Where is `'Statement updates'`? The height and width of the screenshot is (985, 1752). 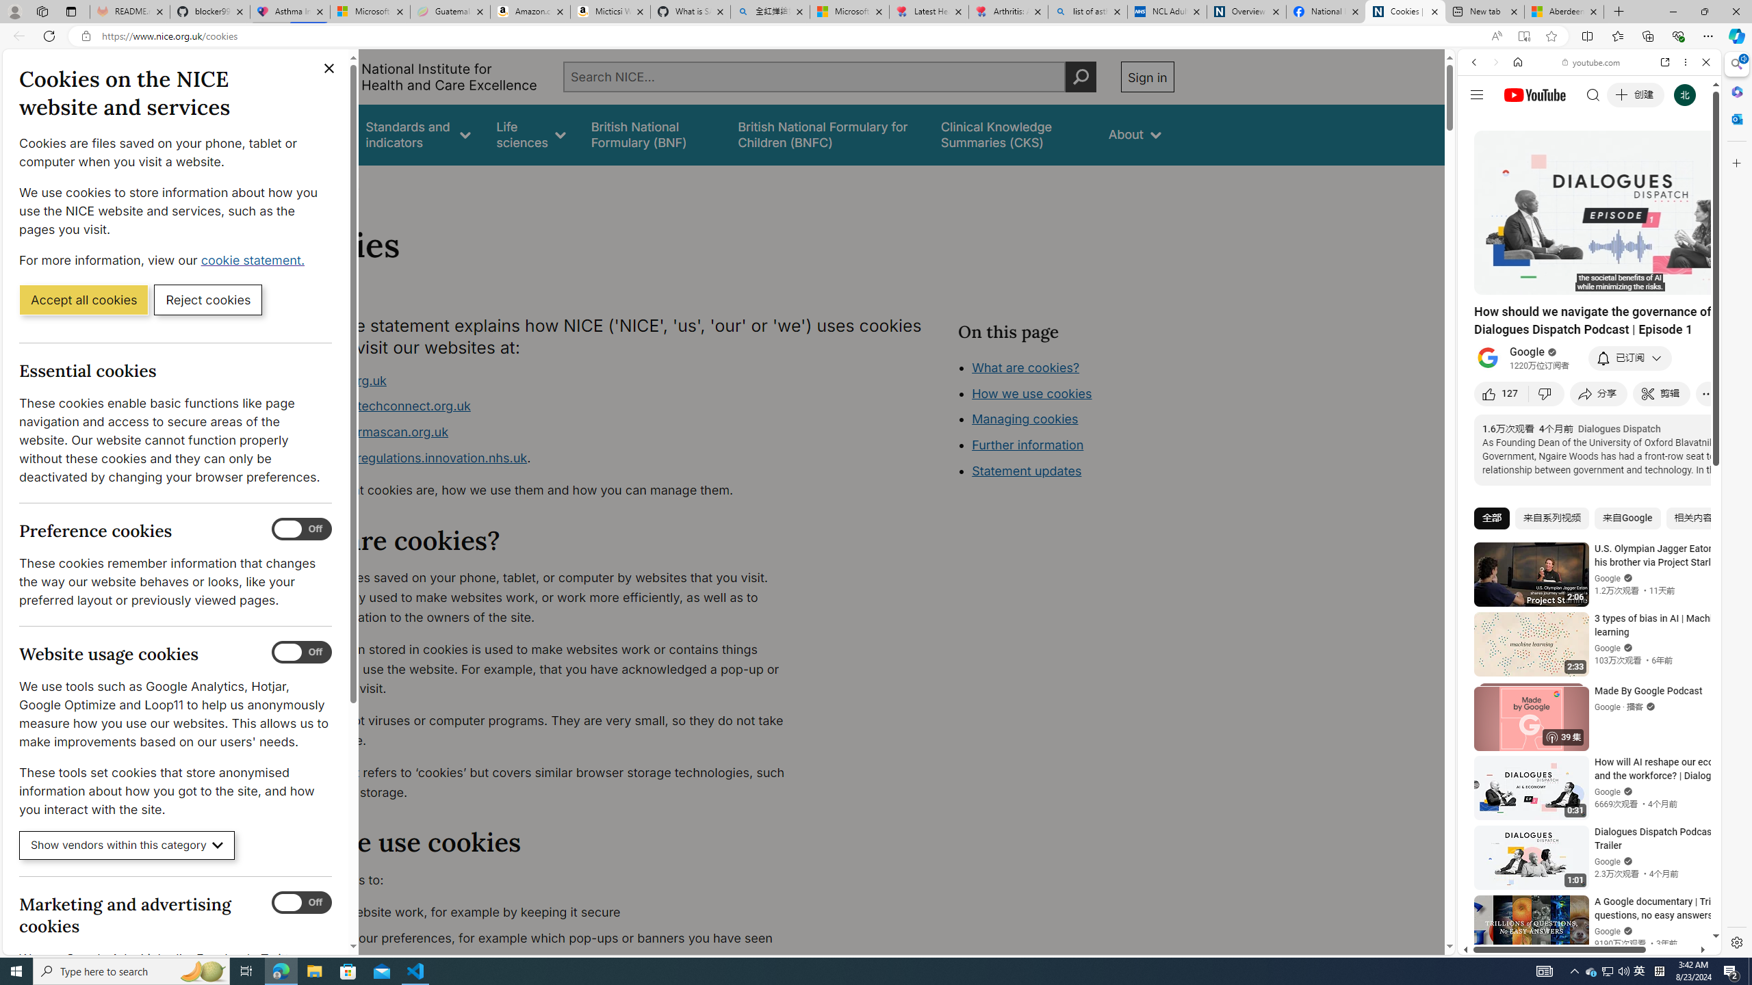
'Statement updates' is located at coordinates (1027, 471).